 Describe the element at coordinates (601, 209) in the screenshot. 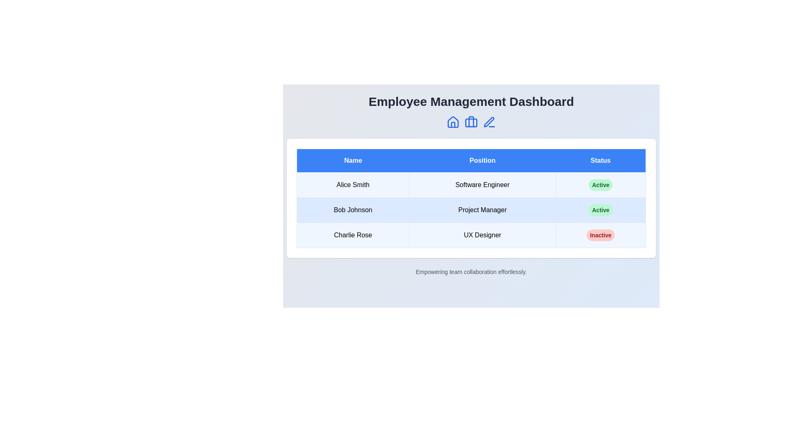

I see `text of the 'Active' status badge for 'Bob Johnson' located in the third column of the second row of the status table` at that location.